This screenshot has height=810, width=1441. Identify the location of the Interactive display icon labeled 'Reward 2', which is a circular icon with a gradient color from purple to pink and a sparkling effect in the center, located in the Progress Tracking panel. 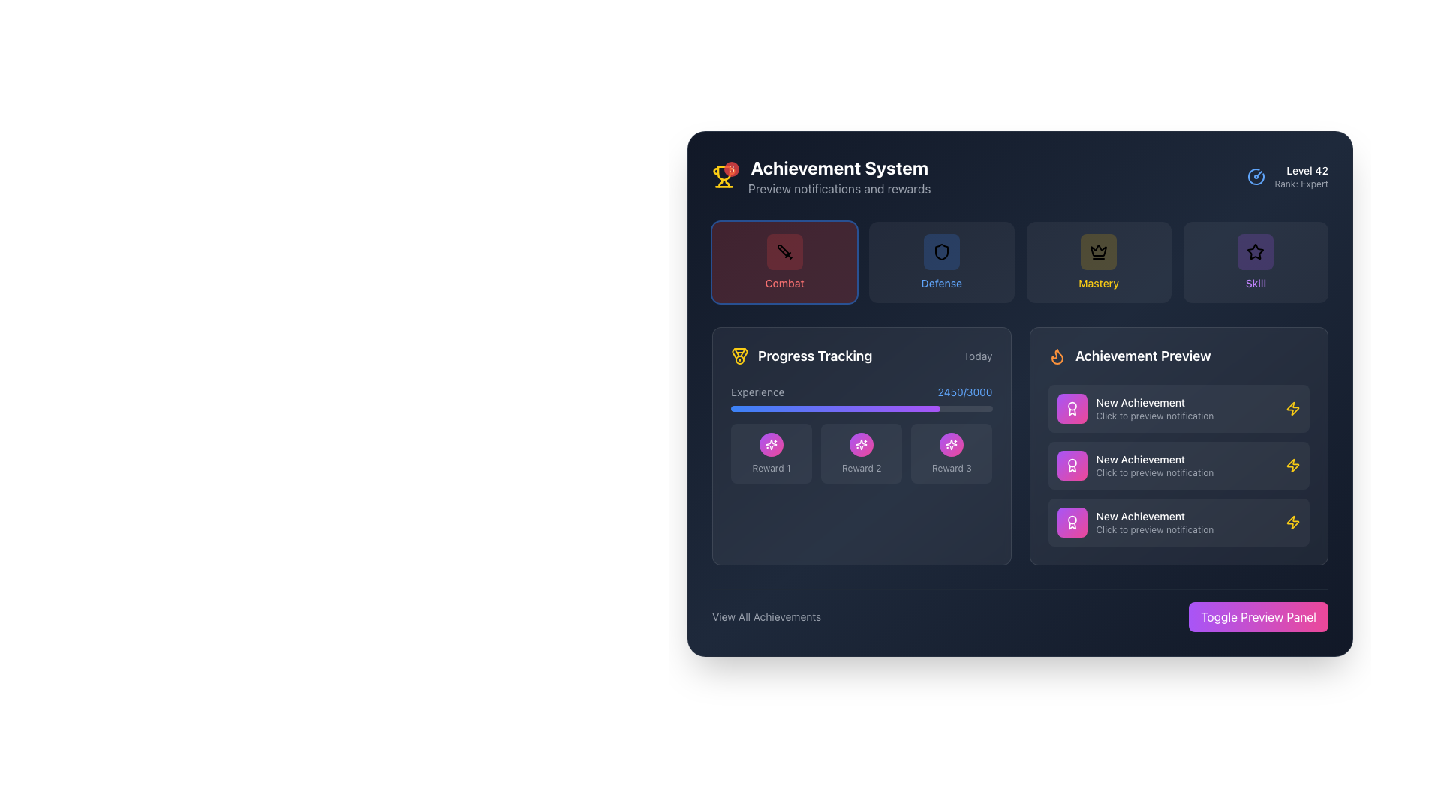
(862, 453).